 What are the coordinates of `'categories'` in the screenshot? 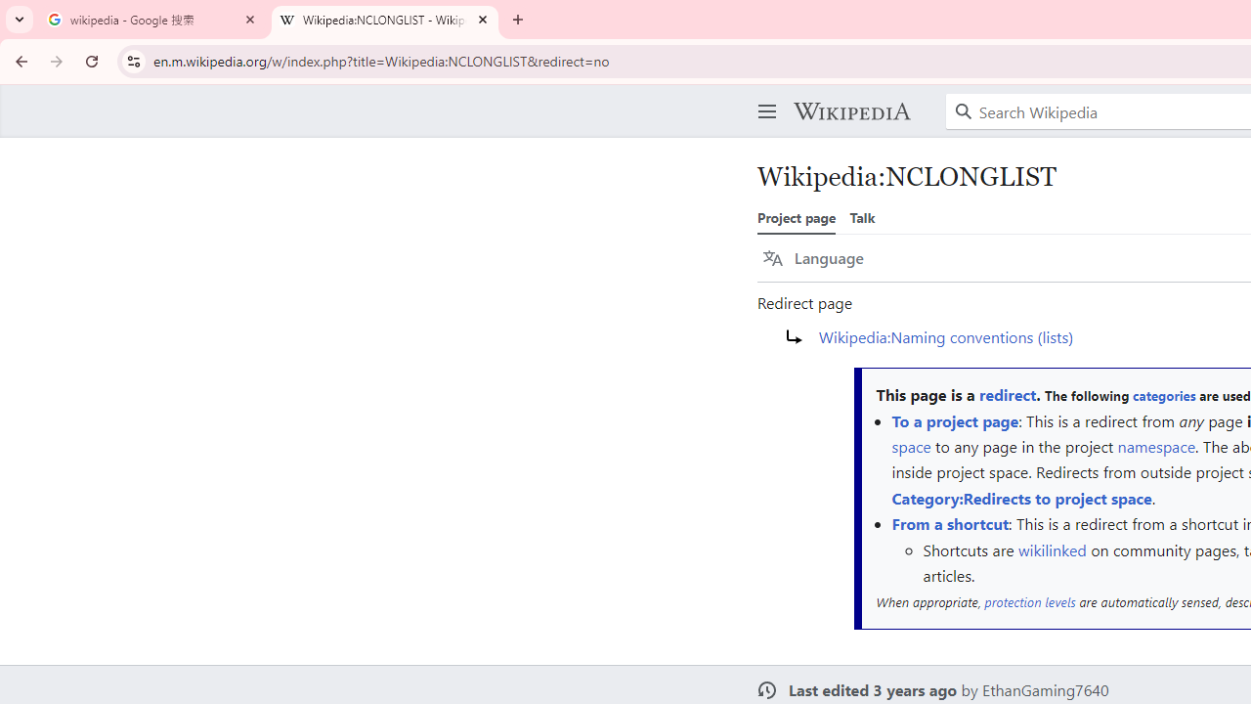 It's located at (1164, 396).